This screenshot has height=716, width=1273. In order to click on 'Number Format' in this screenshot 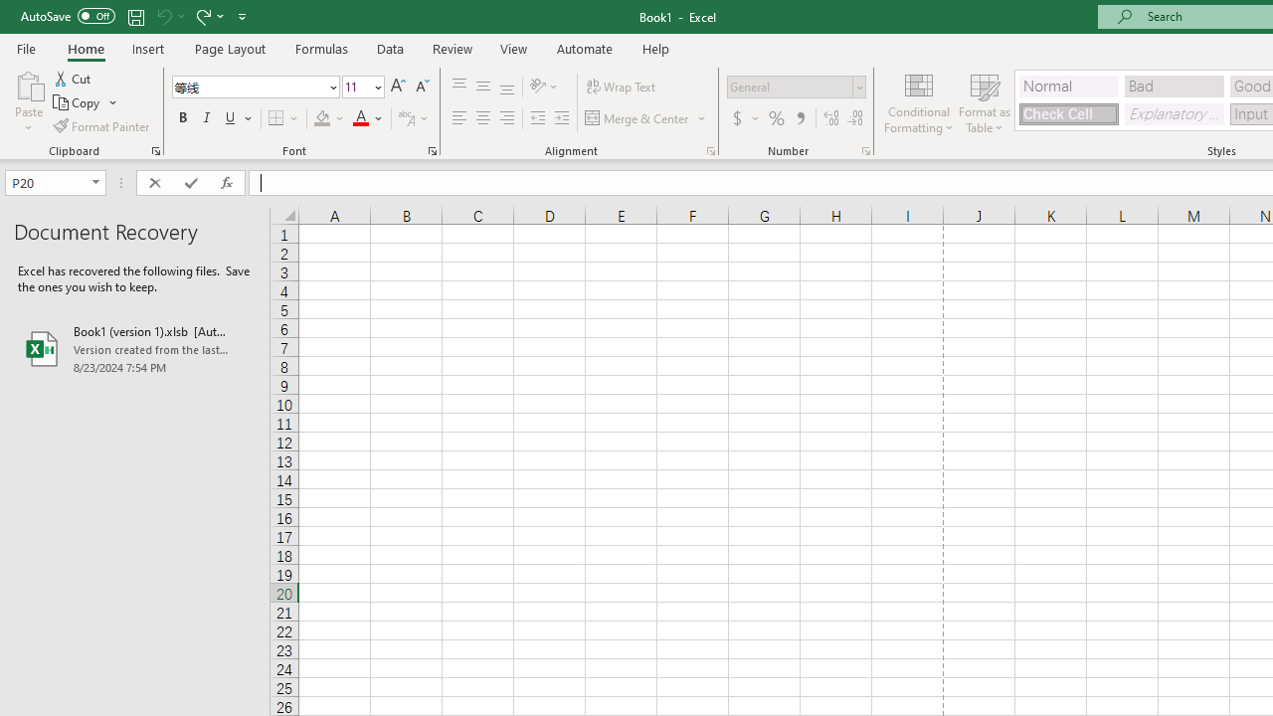, I will do `click(789, 86)`.